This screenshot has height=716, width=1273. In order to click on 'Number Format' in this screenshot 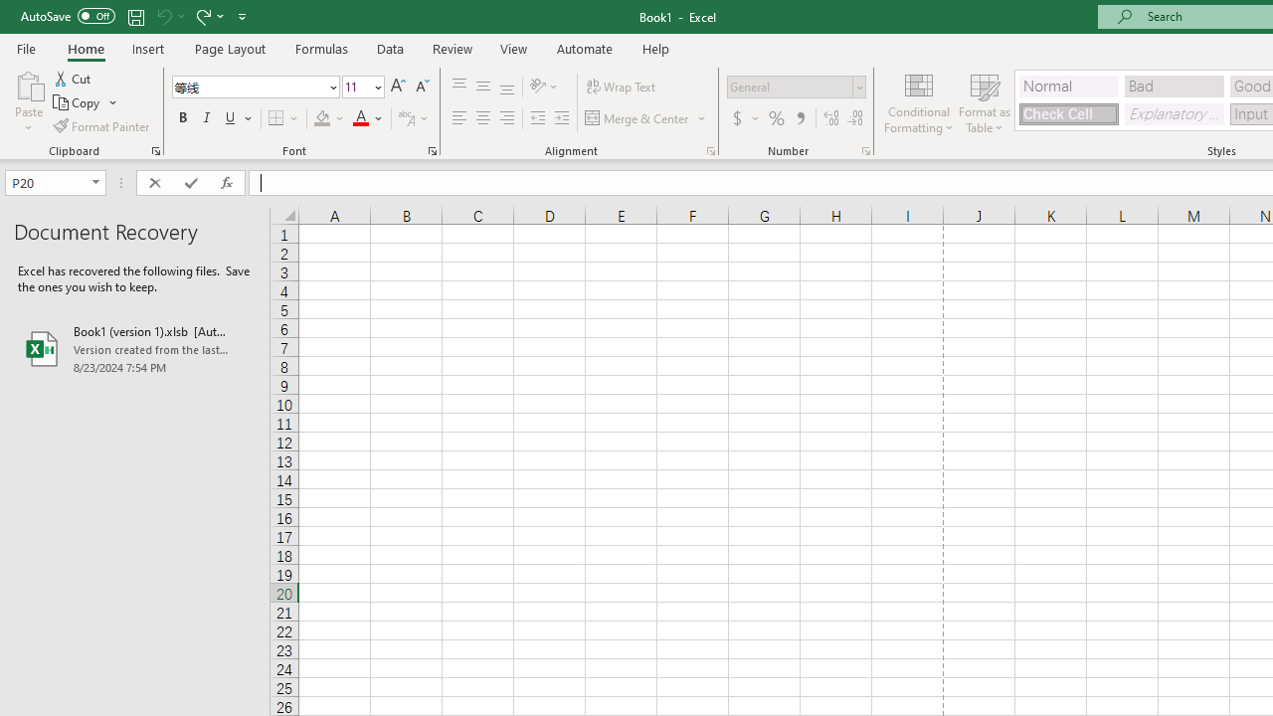, I will do `click(789, 86)`.